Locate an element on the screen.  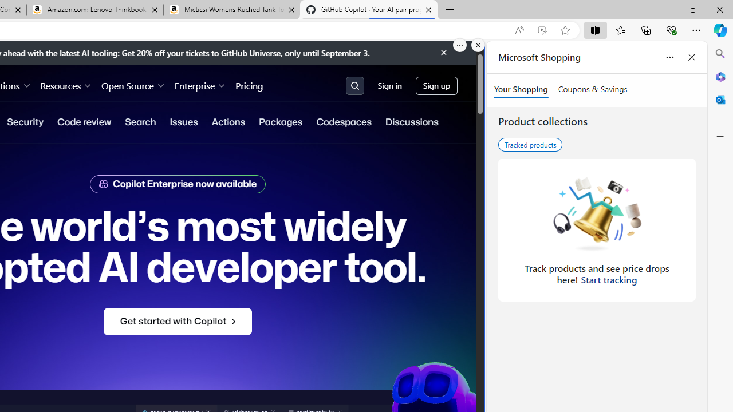
'Get started with Copilot' is located at coordinates (178, 321).